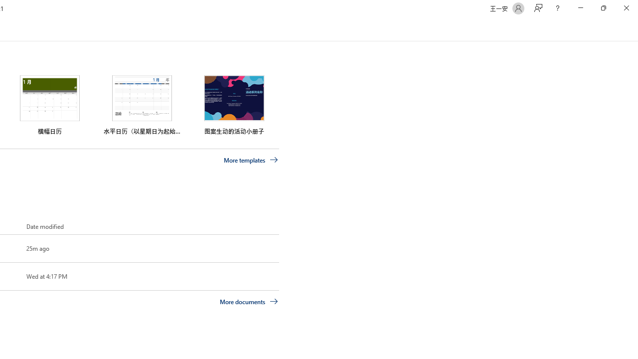 This screenshot has width=638, height=359. What do you see at coordinates (557, 8) in the screenshot?
I see `'Help'` at bounding box center [557, 8].